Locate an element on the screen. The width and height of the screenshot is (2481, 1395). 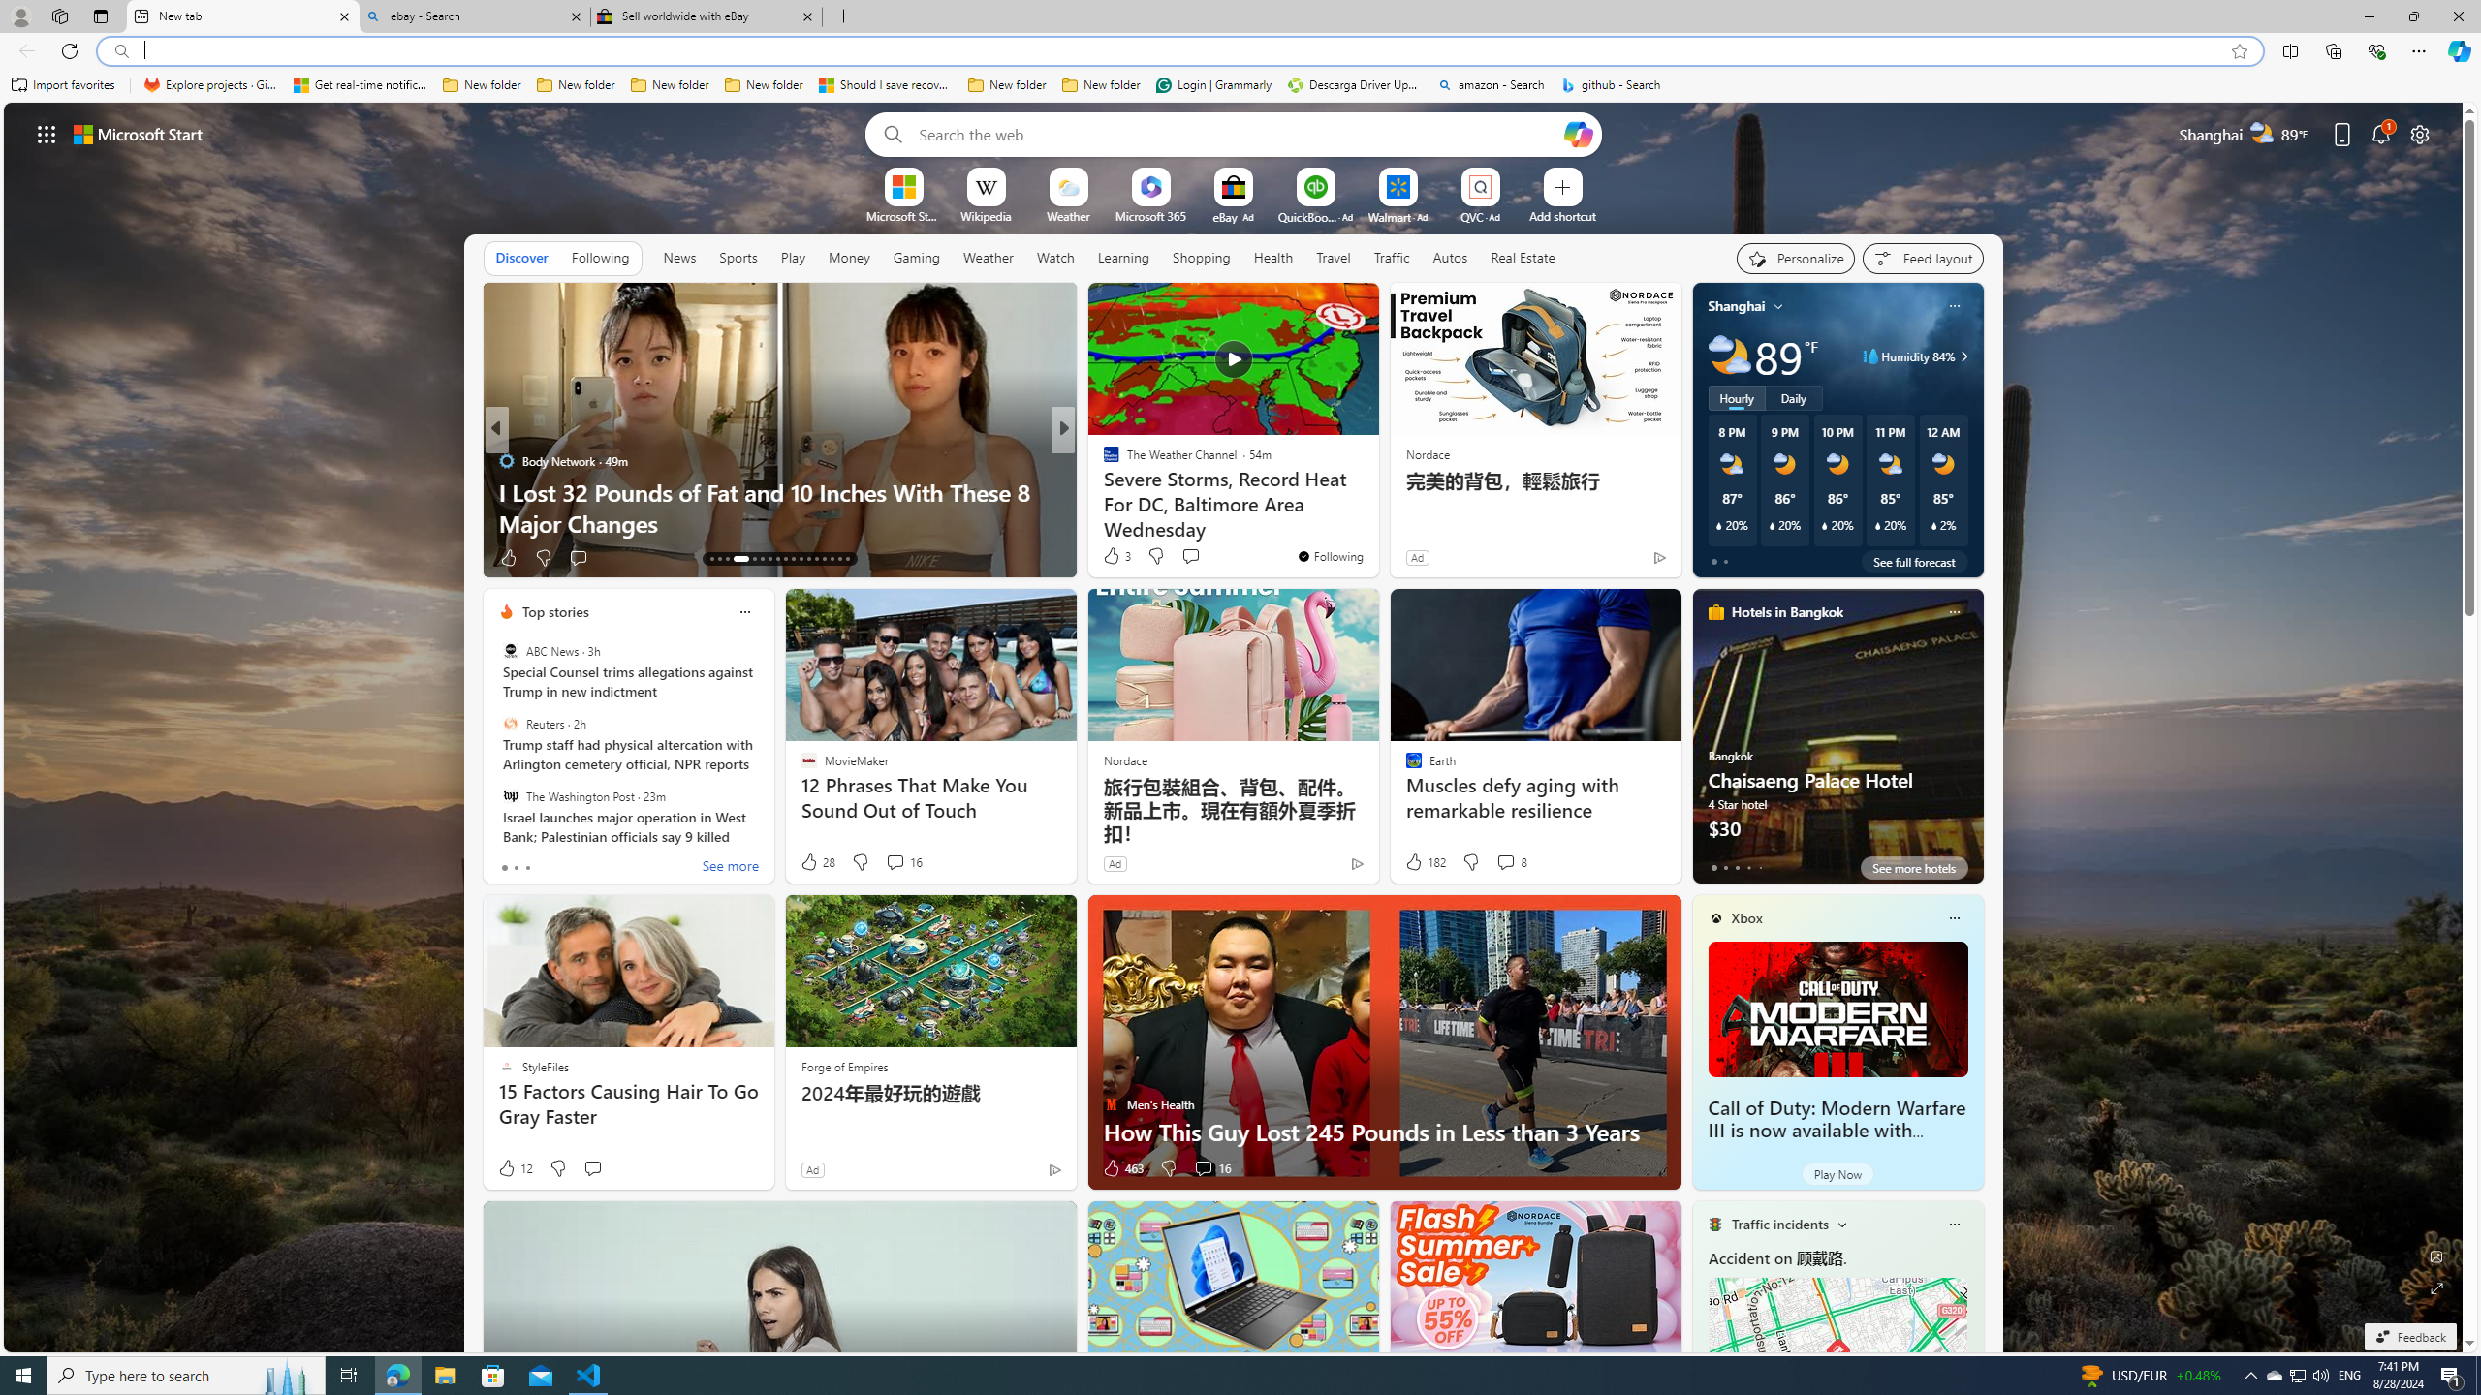
'Login | Grammarly' is located at coordinates (1213, 84).